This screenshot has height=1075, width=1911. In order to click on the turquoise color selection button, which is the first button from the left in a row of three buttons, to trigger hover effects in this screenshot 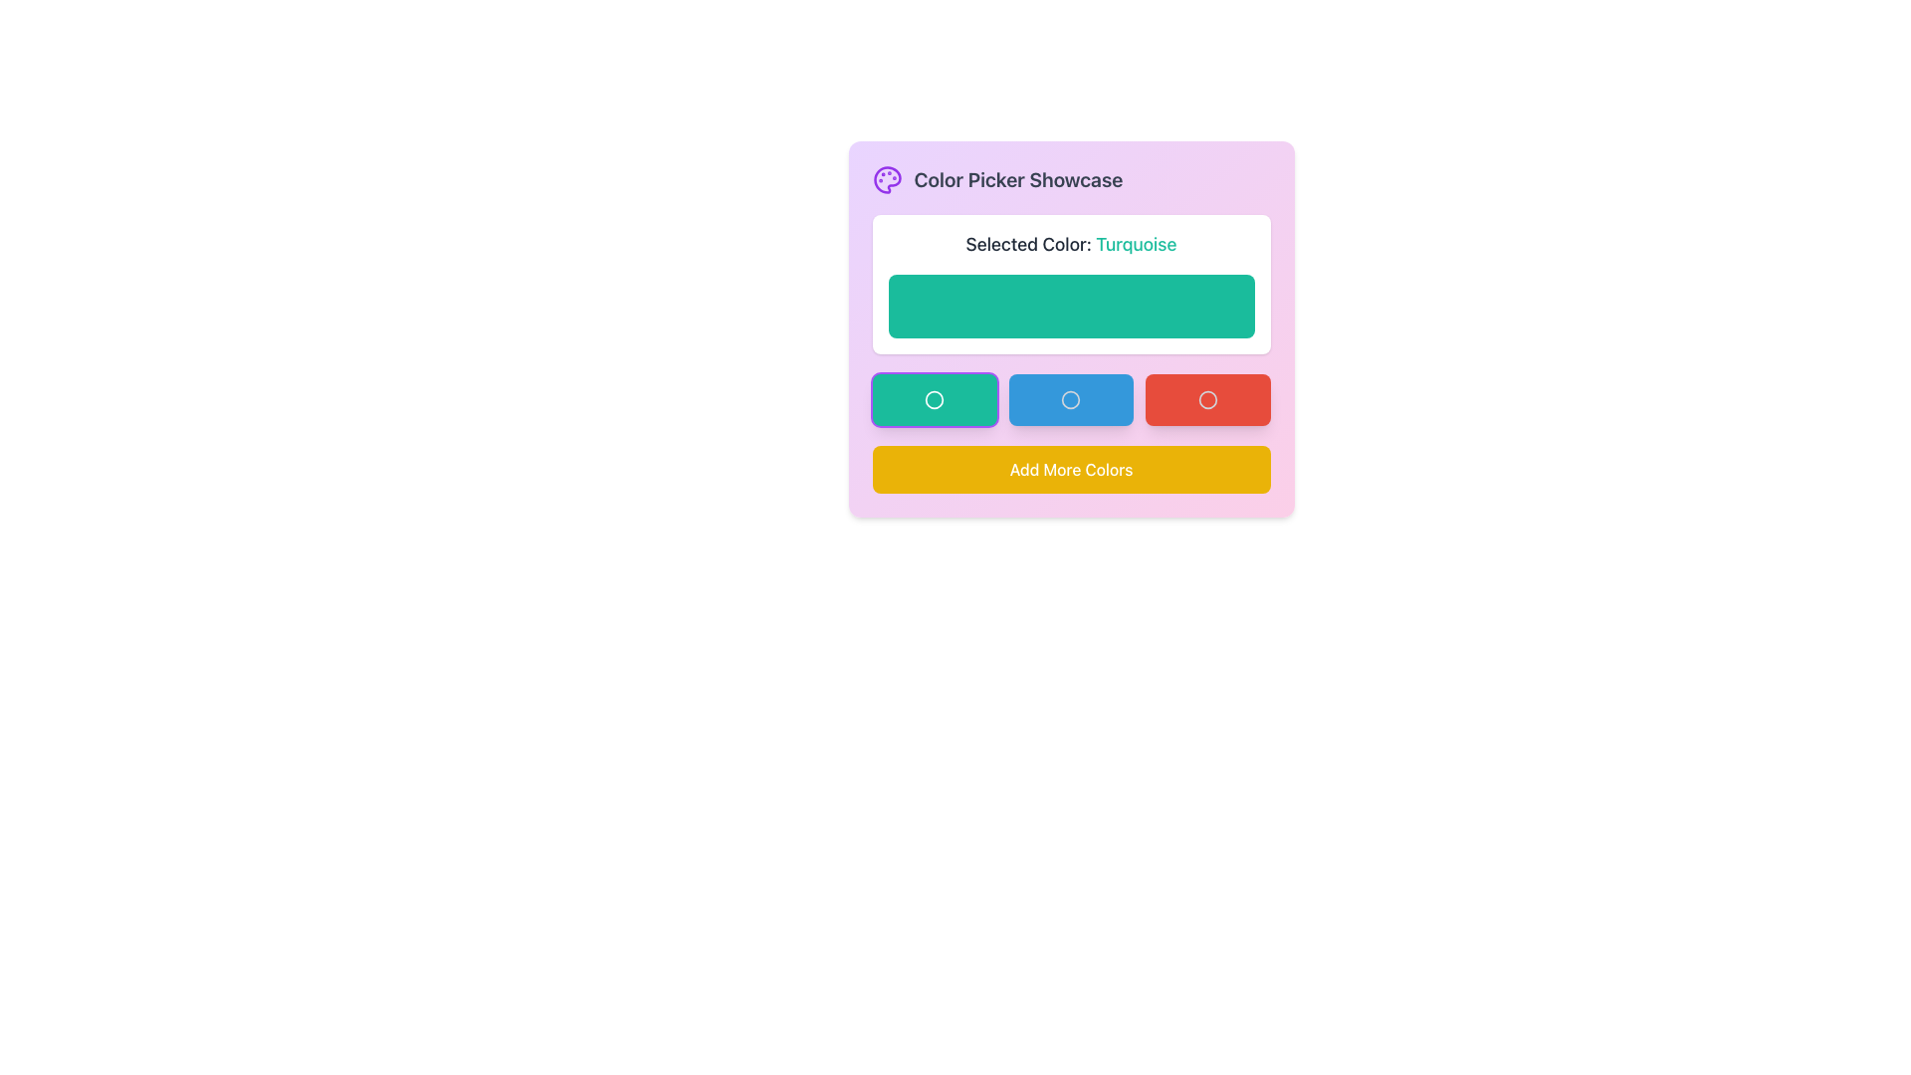, I will do `click(934, 399)`.